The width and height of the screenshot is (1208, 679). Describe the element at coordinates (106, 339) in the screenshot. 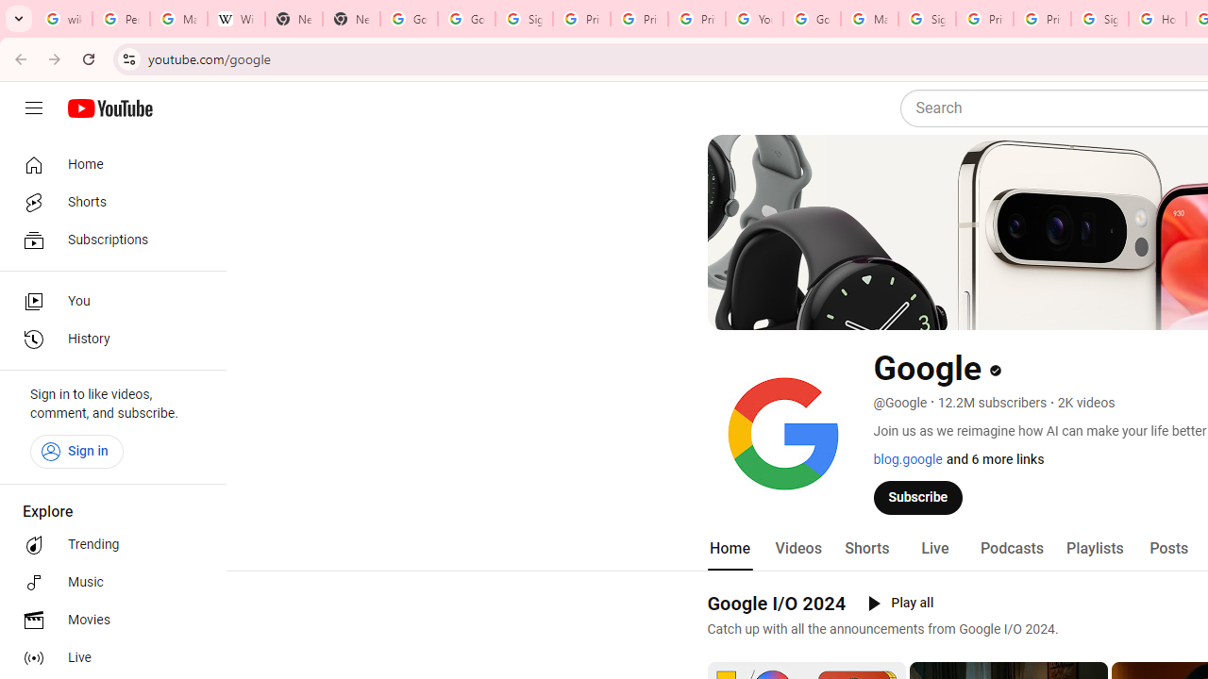

I see `'History'` at that location.